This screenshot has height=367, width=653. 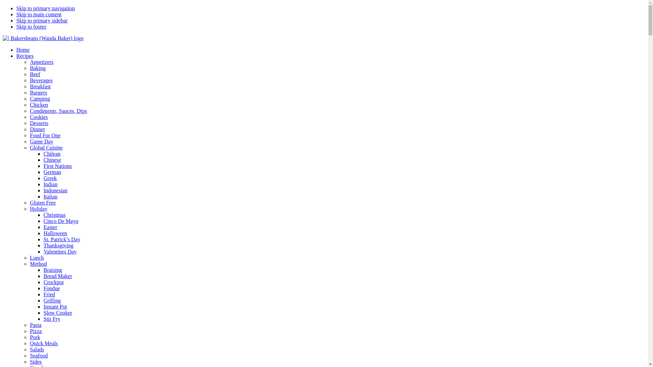 I want to click on 'Holiday', so click(x=38, y=208).